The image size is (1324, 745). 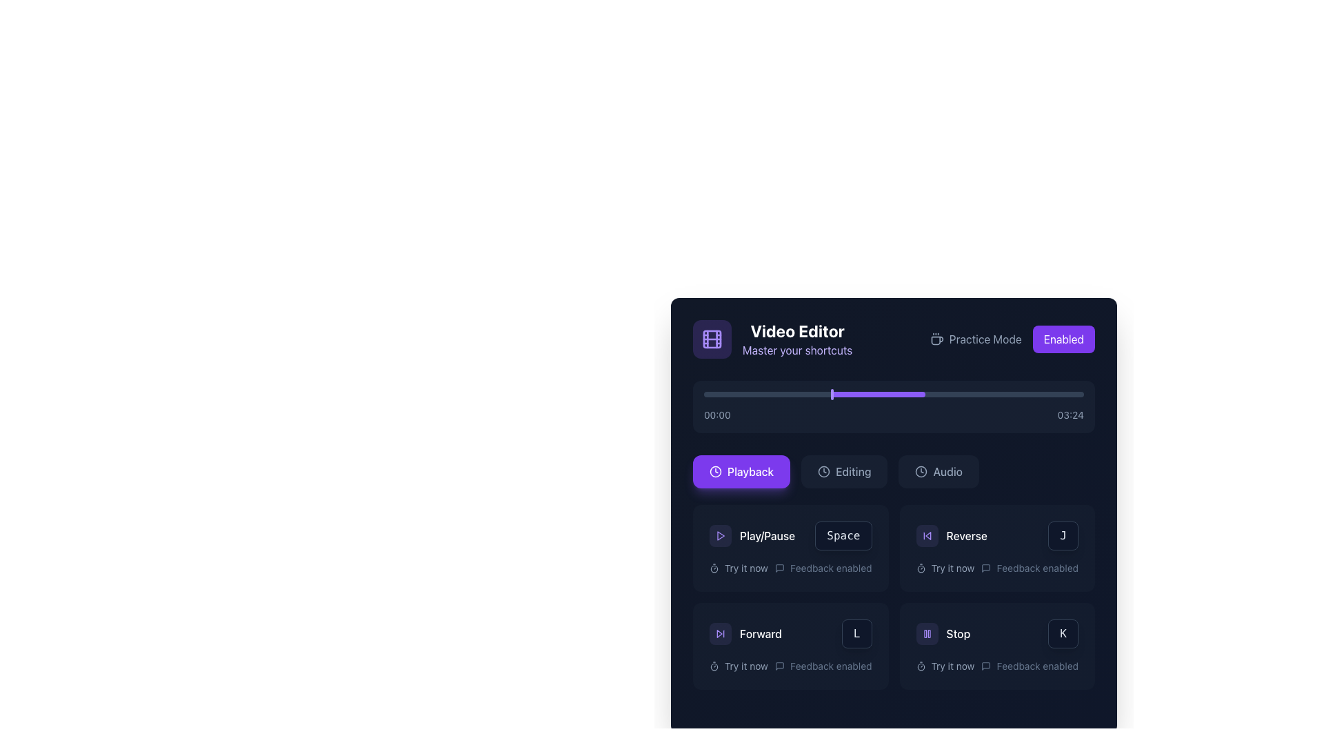 What do you see at coordinates (927, 633) in the screenshot?
I see `the 'Stop' button located in the bottom-right portion of the main interface for keyboard accessibility` at bounding box center [927, 633].